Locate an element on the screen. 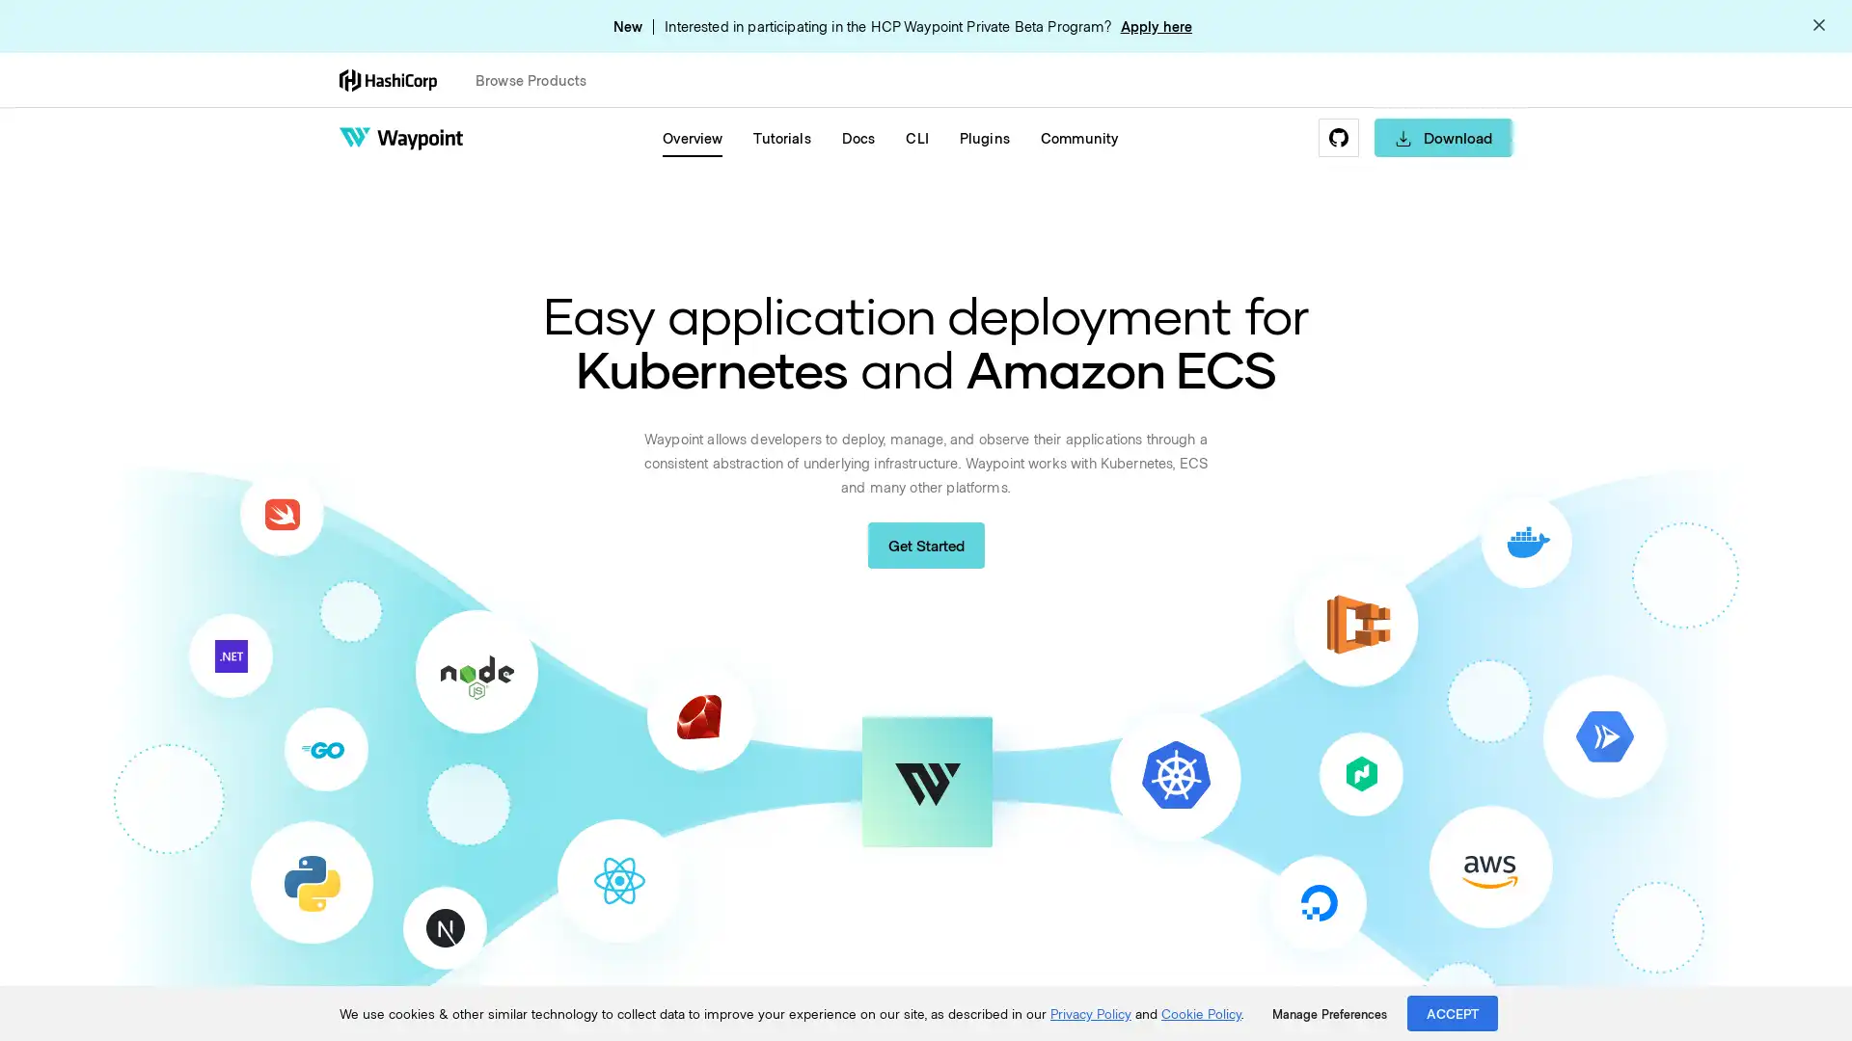  Manage Preferences is located at coordinates (1328, 1013).